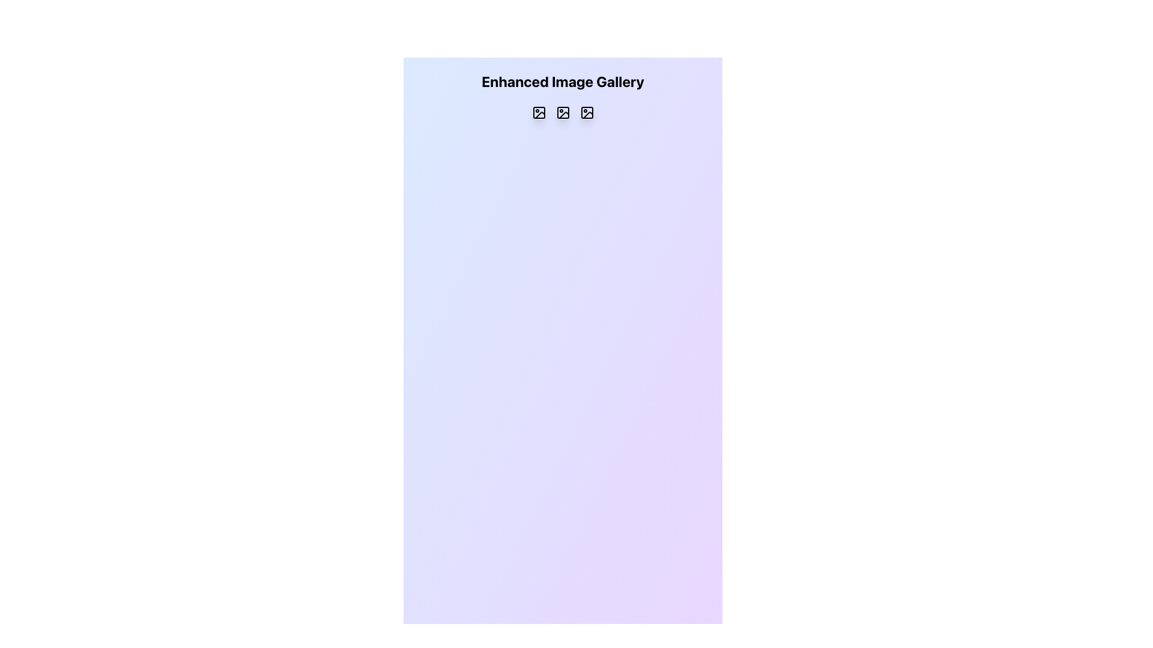 The height and width of the screenshot is (648, 1153). What do you see at coordinates (588, 115) in the screenshot?
I see `the third graphical icon component in the Enhanced Image Gallery, which serves as an image placeholder` at bounding box center [588, 115].